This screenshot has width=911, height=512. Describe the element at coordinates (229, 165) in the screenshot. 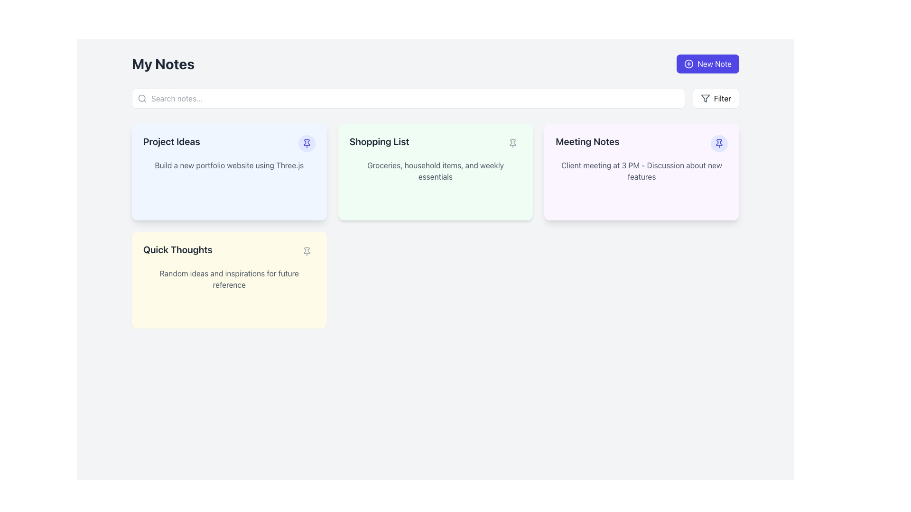

I see `the static text block containing the message 'Build a new portfolio website using Three.js' within the 'Project Ideas' note card` at that location.